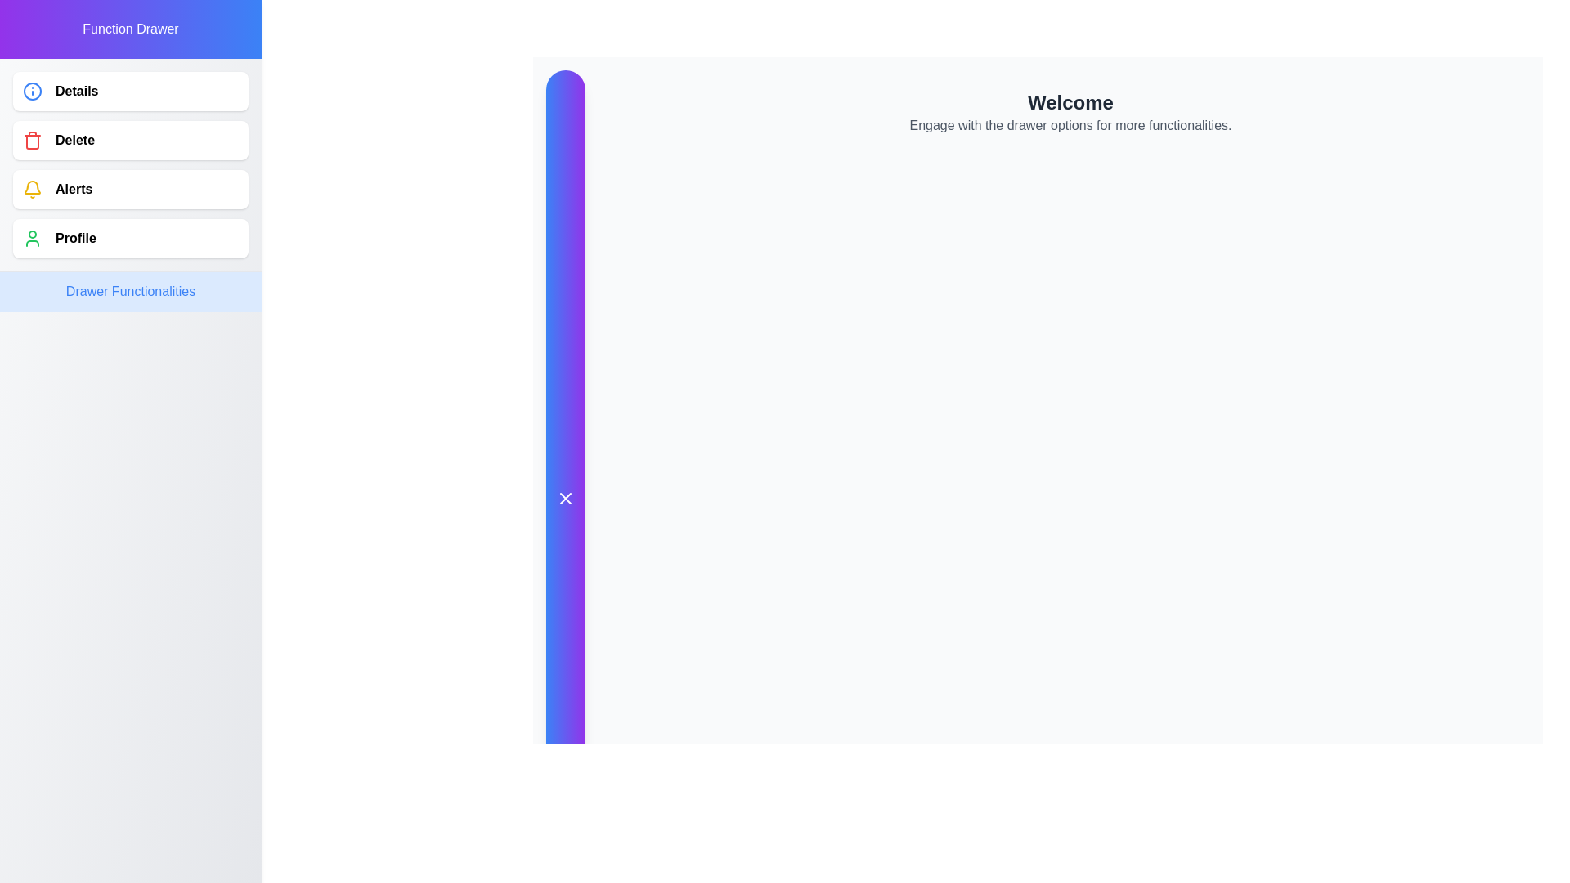  Describe the element at coordinates (73, 188) in the screenshot. I see `the 'Alerts' text label in the sidebar menu, which is the third option in the vertical list, positioned below 'Delete' and above 'Profile'` at that location.